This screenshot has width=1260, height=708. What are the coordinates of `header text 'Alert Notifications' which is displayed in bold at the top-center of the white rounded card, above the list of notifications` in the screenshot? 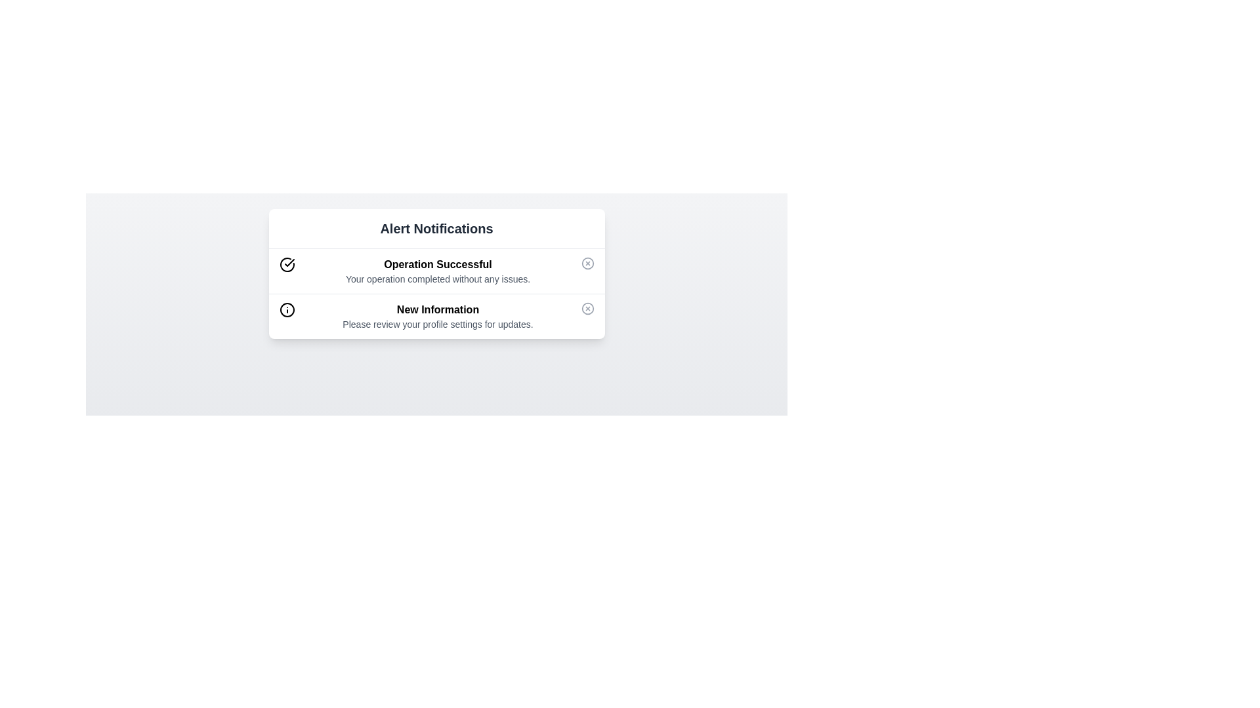 It's located at (436, 228).